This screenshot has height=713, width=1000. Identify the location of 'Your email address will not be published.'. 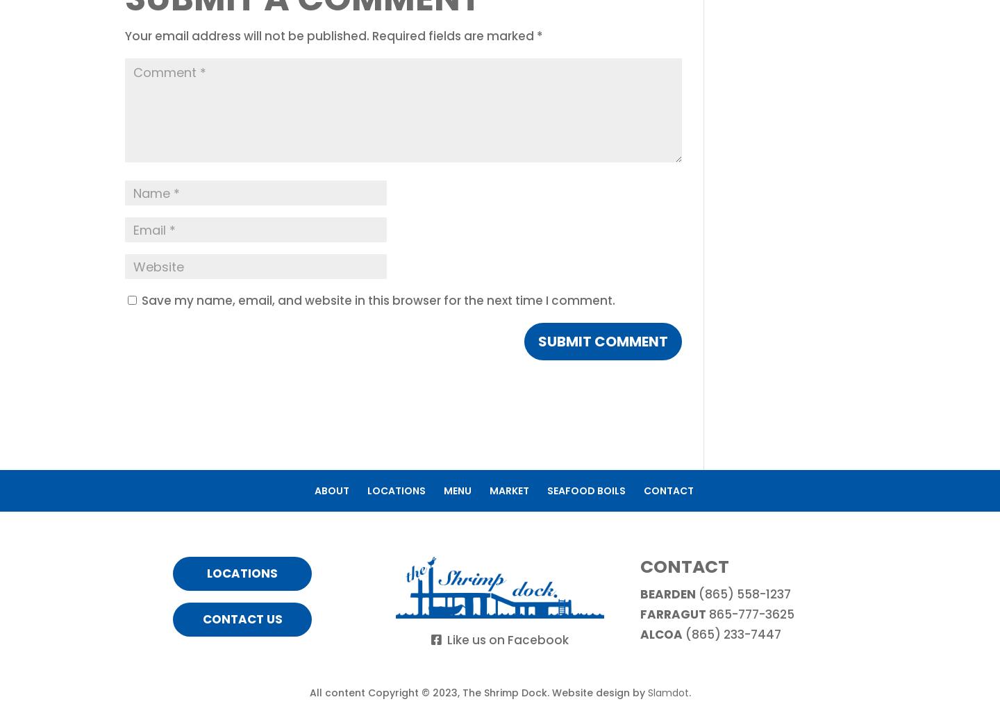
(247, 35).